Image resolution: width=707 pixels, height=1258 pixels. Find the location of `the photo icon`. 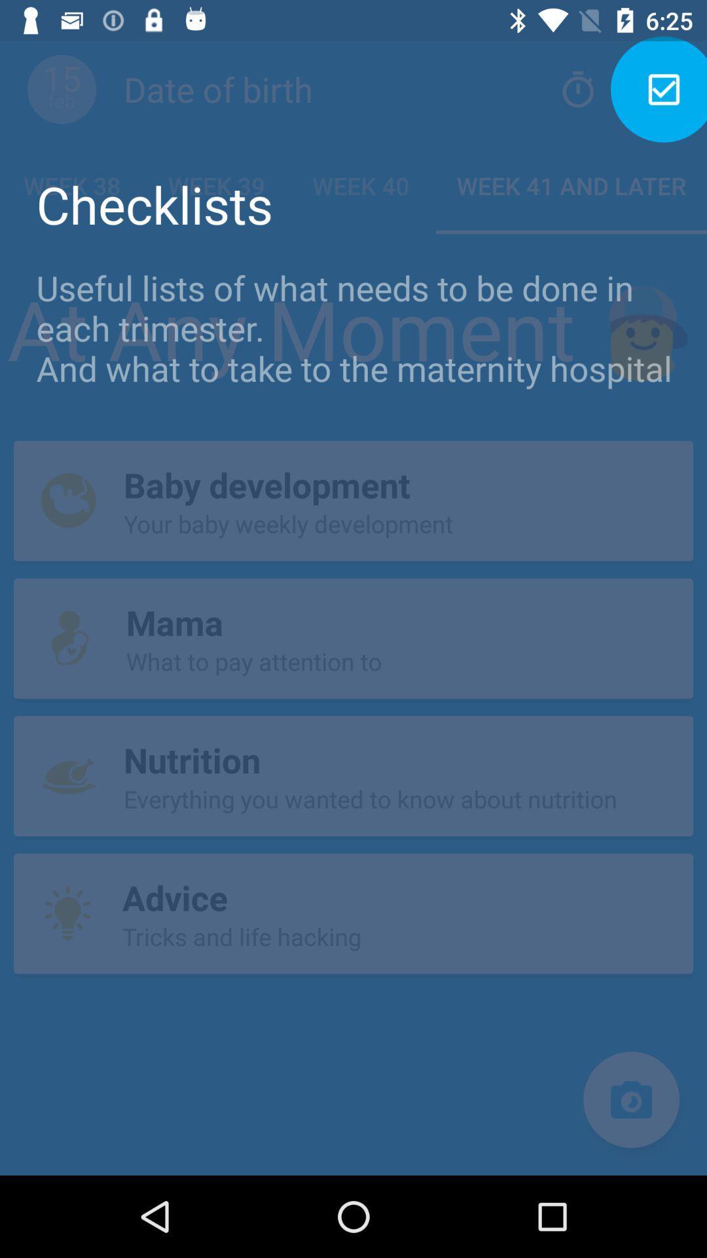

the photo icon is located at coordinates (630, 1099).